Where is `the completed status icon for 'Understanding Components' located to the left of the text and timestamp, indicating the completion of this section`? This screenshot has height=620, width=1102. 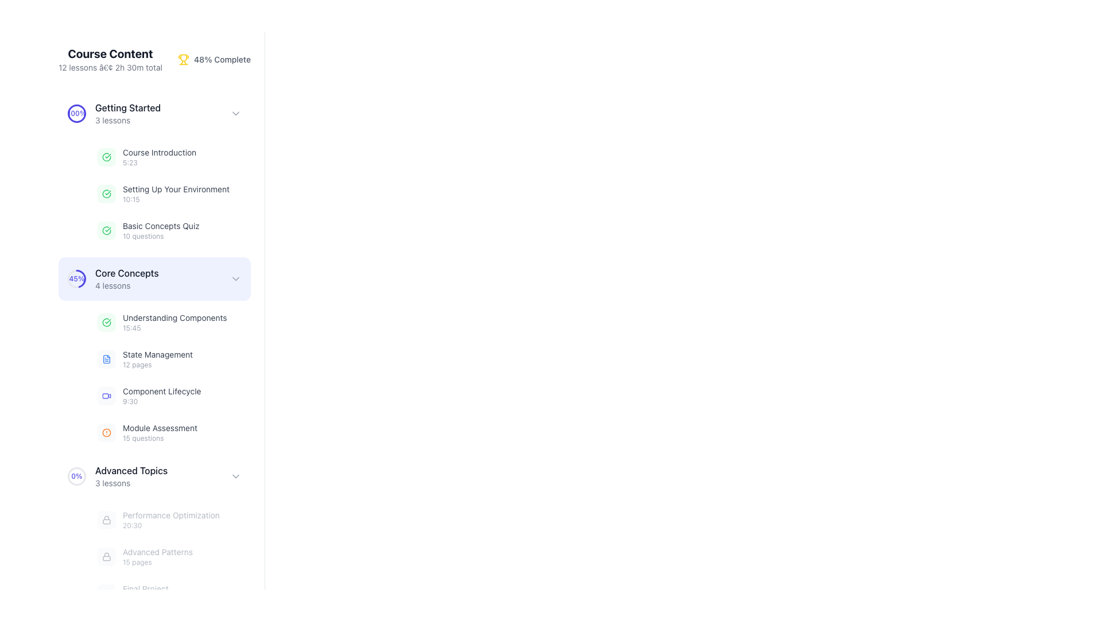 the completed status icon for 'Understanding Components' located to the left of the text and timestamp, indicating the completion of this section is located at coordinates (107, 323).